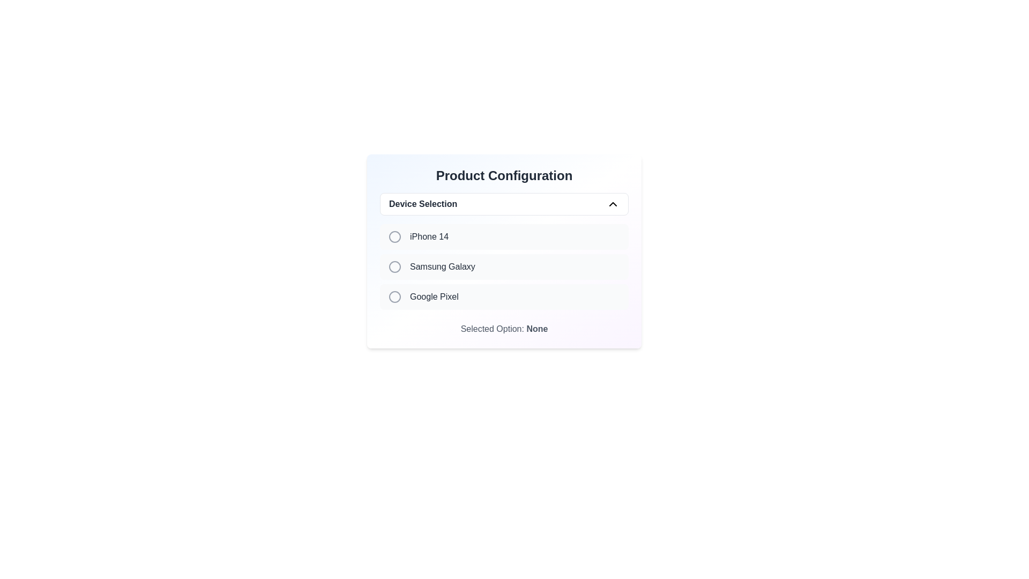 This screenshot has height=579, width=1029. What do you see at coordinates (394, 297) in the screenshot?
I see `the radio button icon for the 'Google Pixel' selection option` at bounding box center [394, 297].